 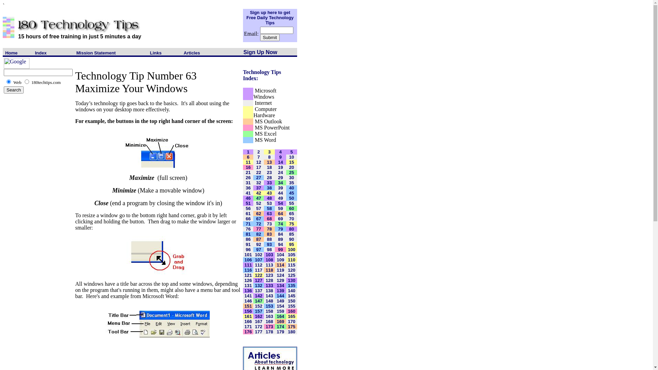 What do you see at coordinates (13, 89) in the screenshot?
I see `'Search'` at bounding box center [13, 89].